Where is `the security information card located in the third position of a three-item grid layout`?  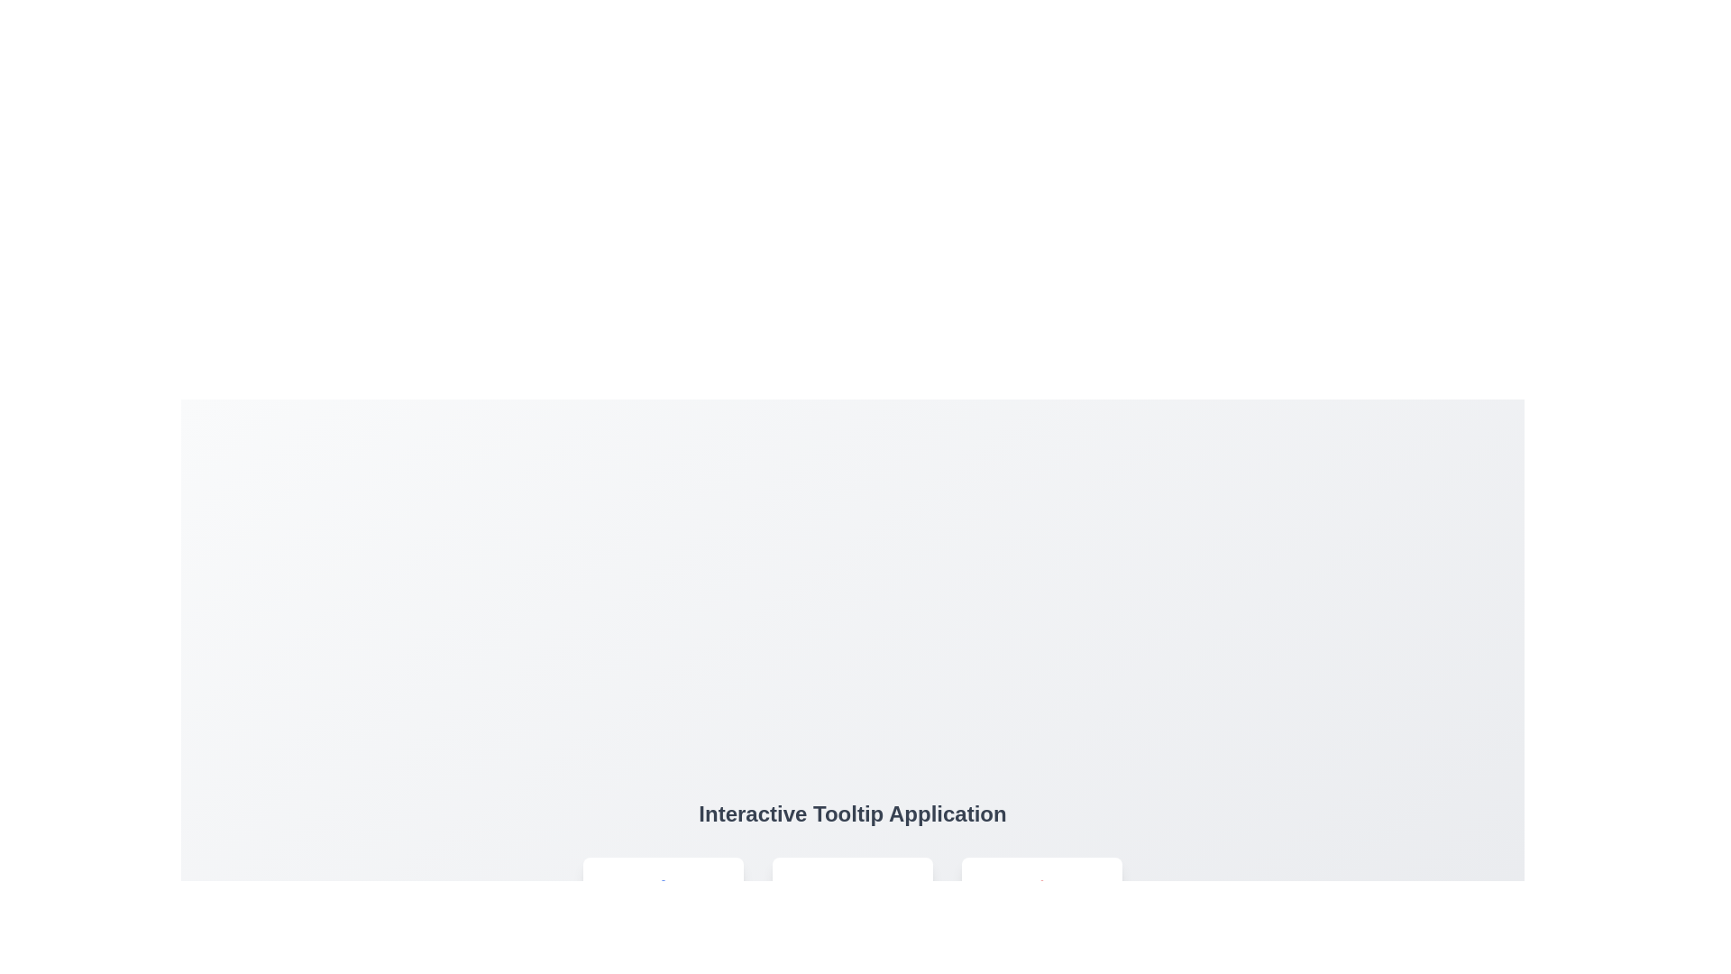
the security information card located in the third position of a three-item grid layout is located at coordinates (1042, 914).